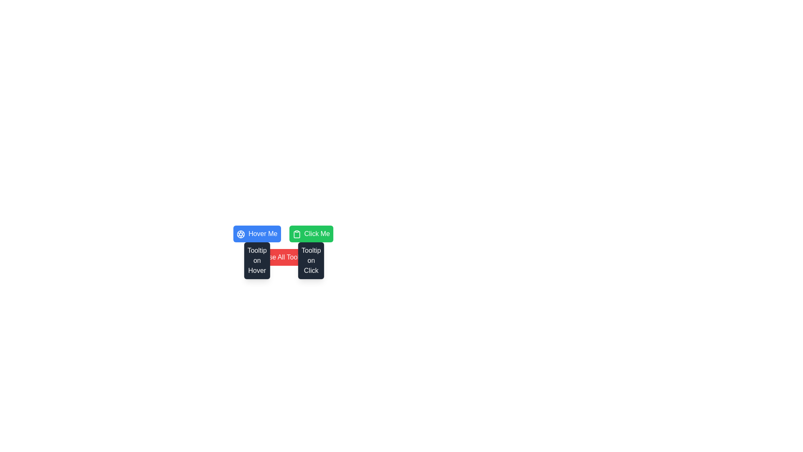 The height and width of the screenshot is (452, 803). What do you see at coordinates (311, 234) in the screenshot?
I see `the green rounded button labeled 'Click Me' with a clipboard icon` at bounding box center [311, 234].